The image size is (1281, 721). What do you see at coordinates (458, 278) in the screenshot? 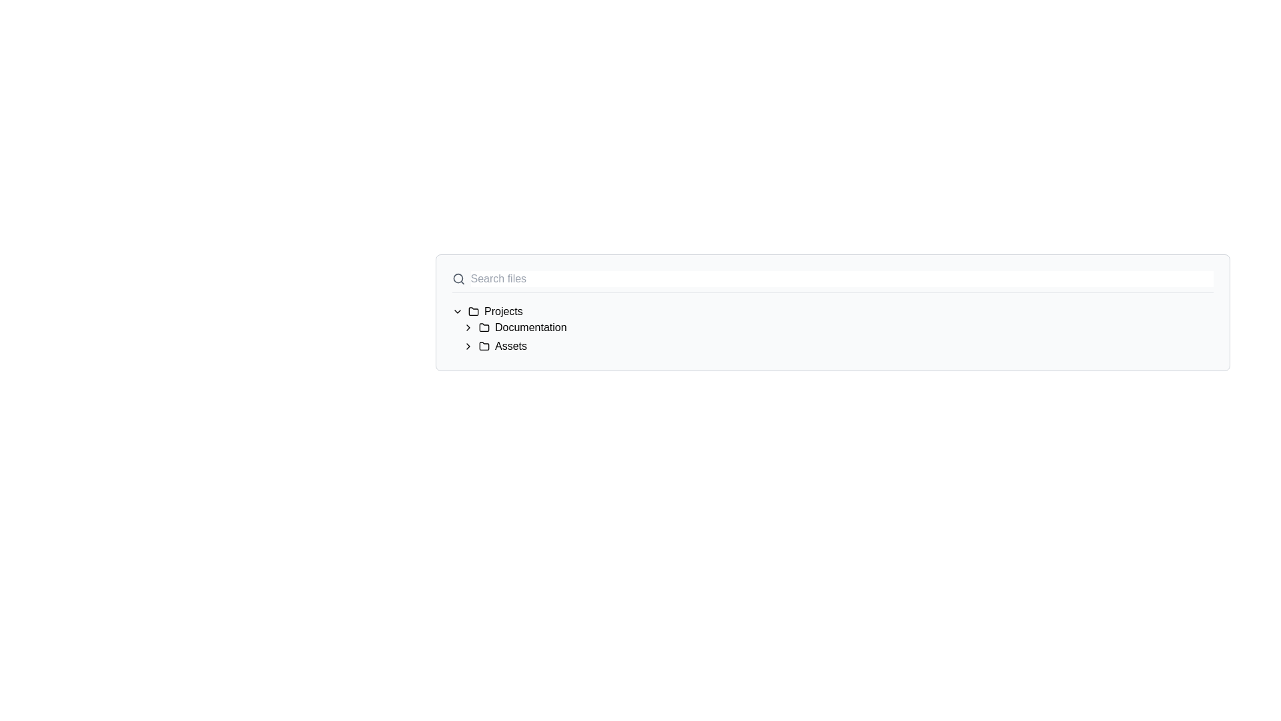
I see `the circular part of the SVG magnifying glass icon located in the upper-left section of the interface above the expandable list` at bounding box center [458, 278].